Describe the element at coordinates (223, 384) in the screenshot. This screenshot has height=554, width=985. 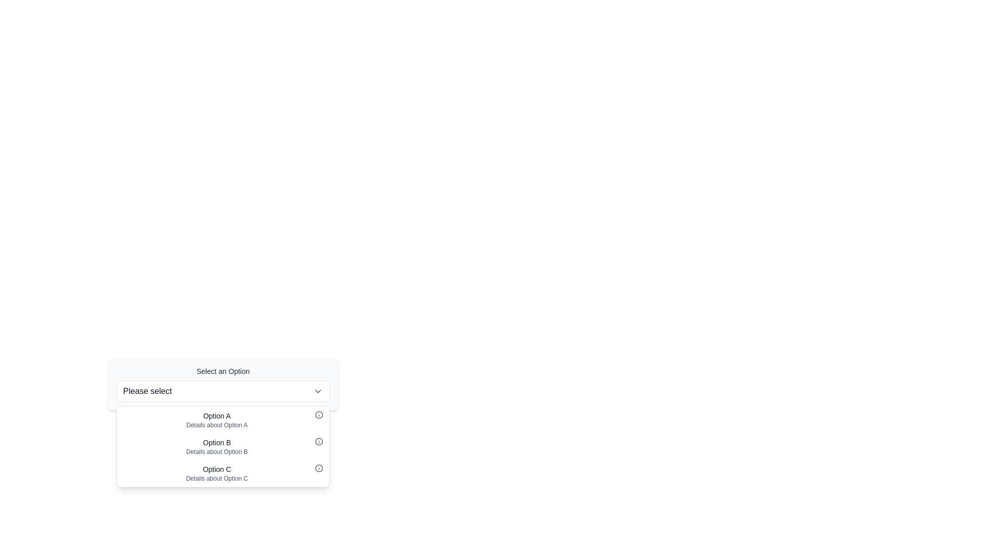
I see `the 'Select an Option' dropdown menu using tab navigation` at that location.